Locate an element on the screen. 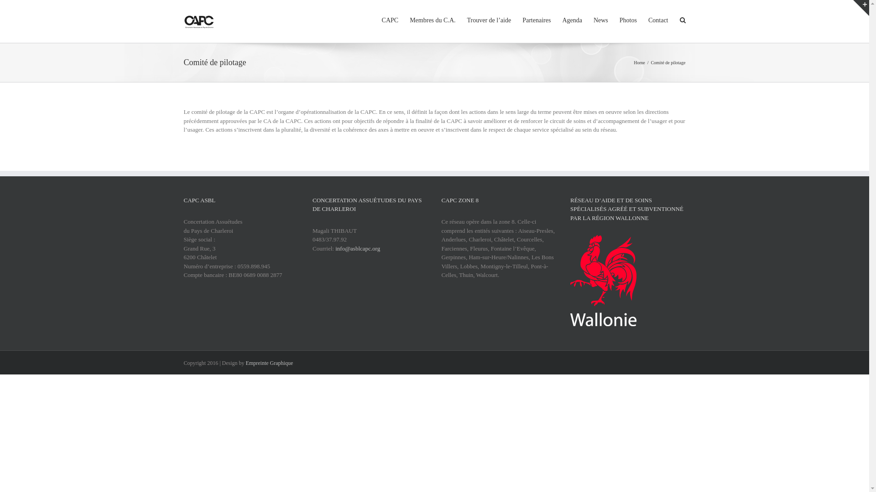  'Home' is located at coordinates (633, 62).